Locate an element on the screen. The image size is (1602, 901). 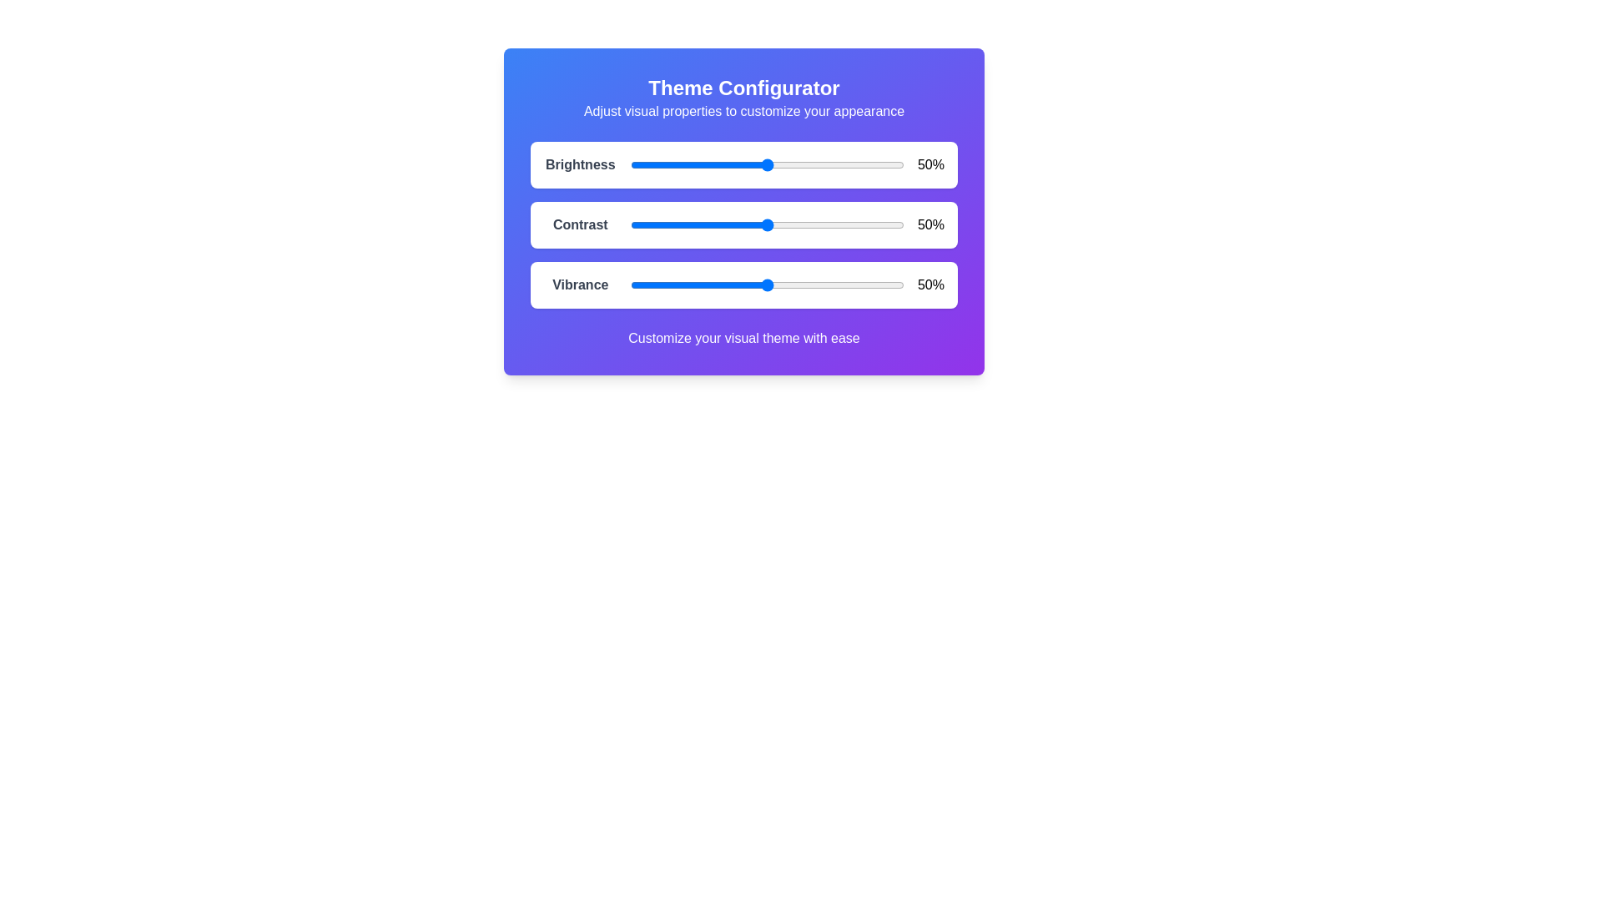
the vibrance slider to 54% is located at coordinates (777, 284).